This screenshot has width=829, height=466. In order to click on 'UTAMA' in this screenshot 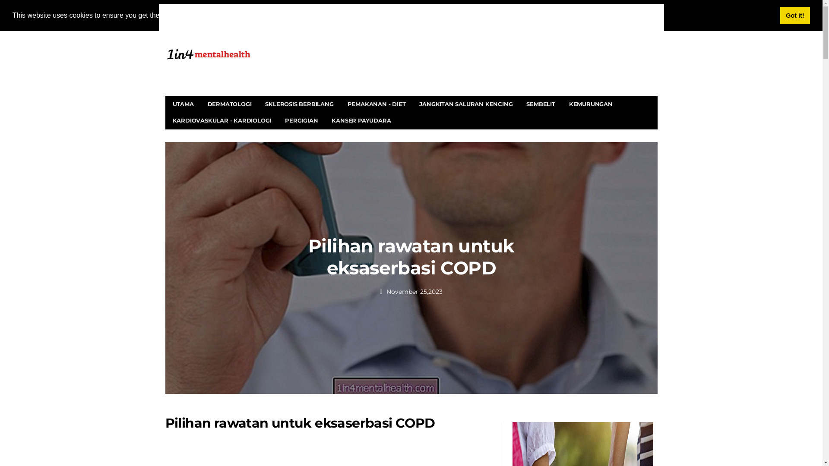, I will do `click(183, 103)`.